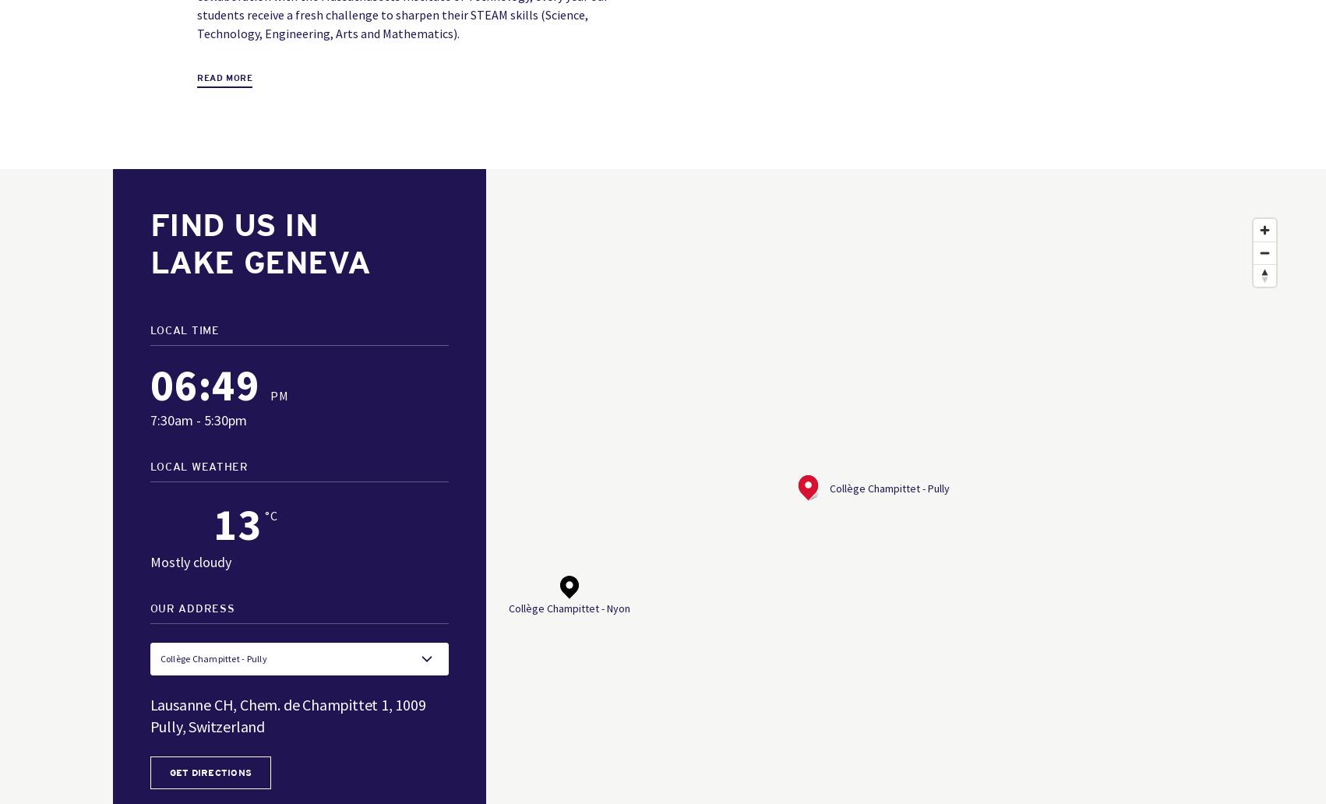 The height and width of the screenshot is (804, 1326). I want to click on 'read more', so click(196, 78).